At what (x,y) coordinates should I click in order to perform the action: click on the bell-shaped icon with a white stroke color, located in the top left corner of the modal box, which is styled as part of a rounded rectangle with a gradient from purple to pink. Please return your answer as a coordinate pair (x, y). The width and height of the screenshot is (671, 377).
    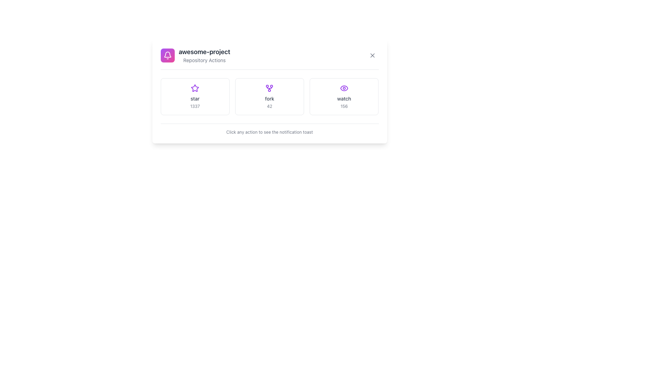
    Looking at the image, I should click on (167, 55).